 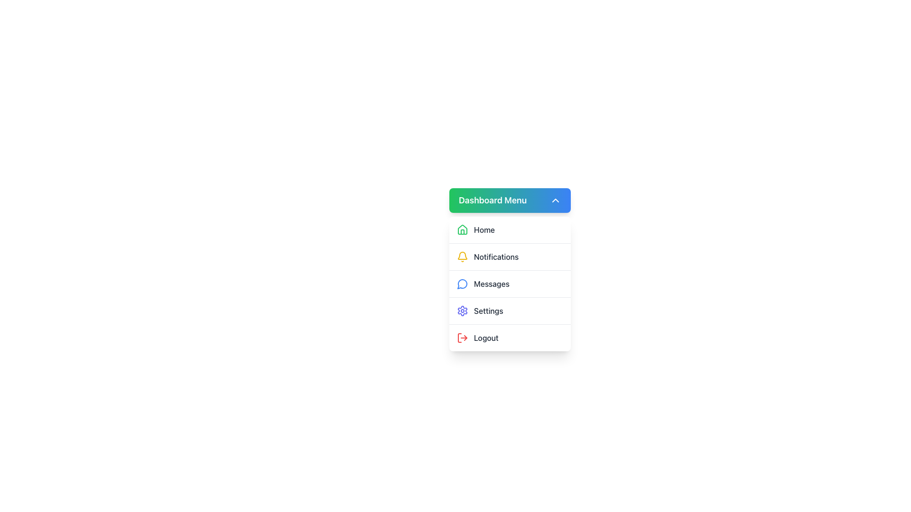 I want to click on the text label displaying 'Messages' in the navigation menu, which is styled with medium-sized, bold font and located in the top-right corner of the interface, so click(x=492, y=283).